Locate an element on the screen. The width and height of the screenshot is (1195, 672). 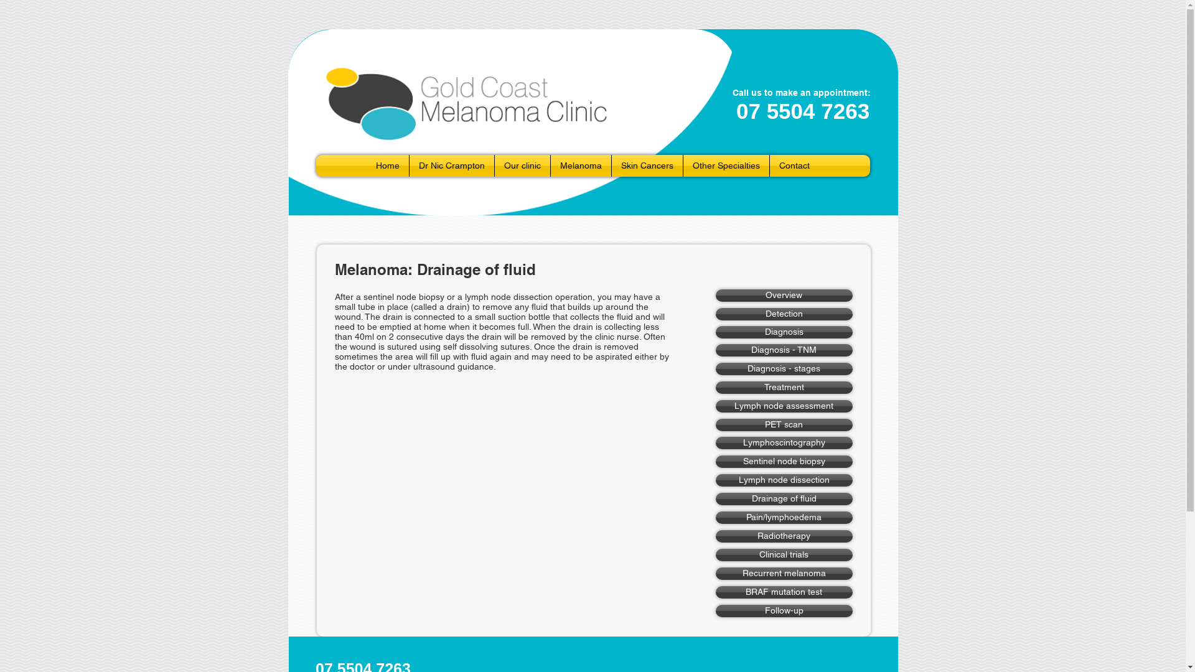
'Diagnosis - TNM' is located at coordinates (783, 350).